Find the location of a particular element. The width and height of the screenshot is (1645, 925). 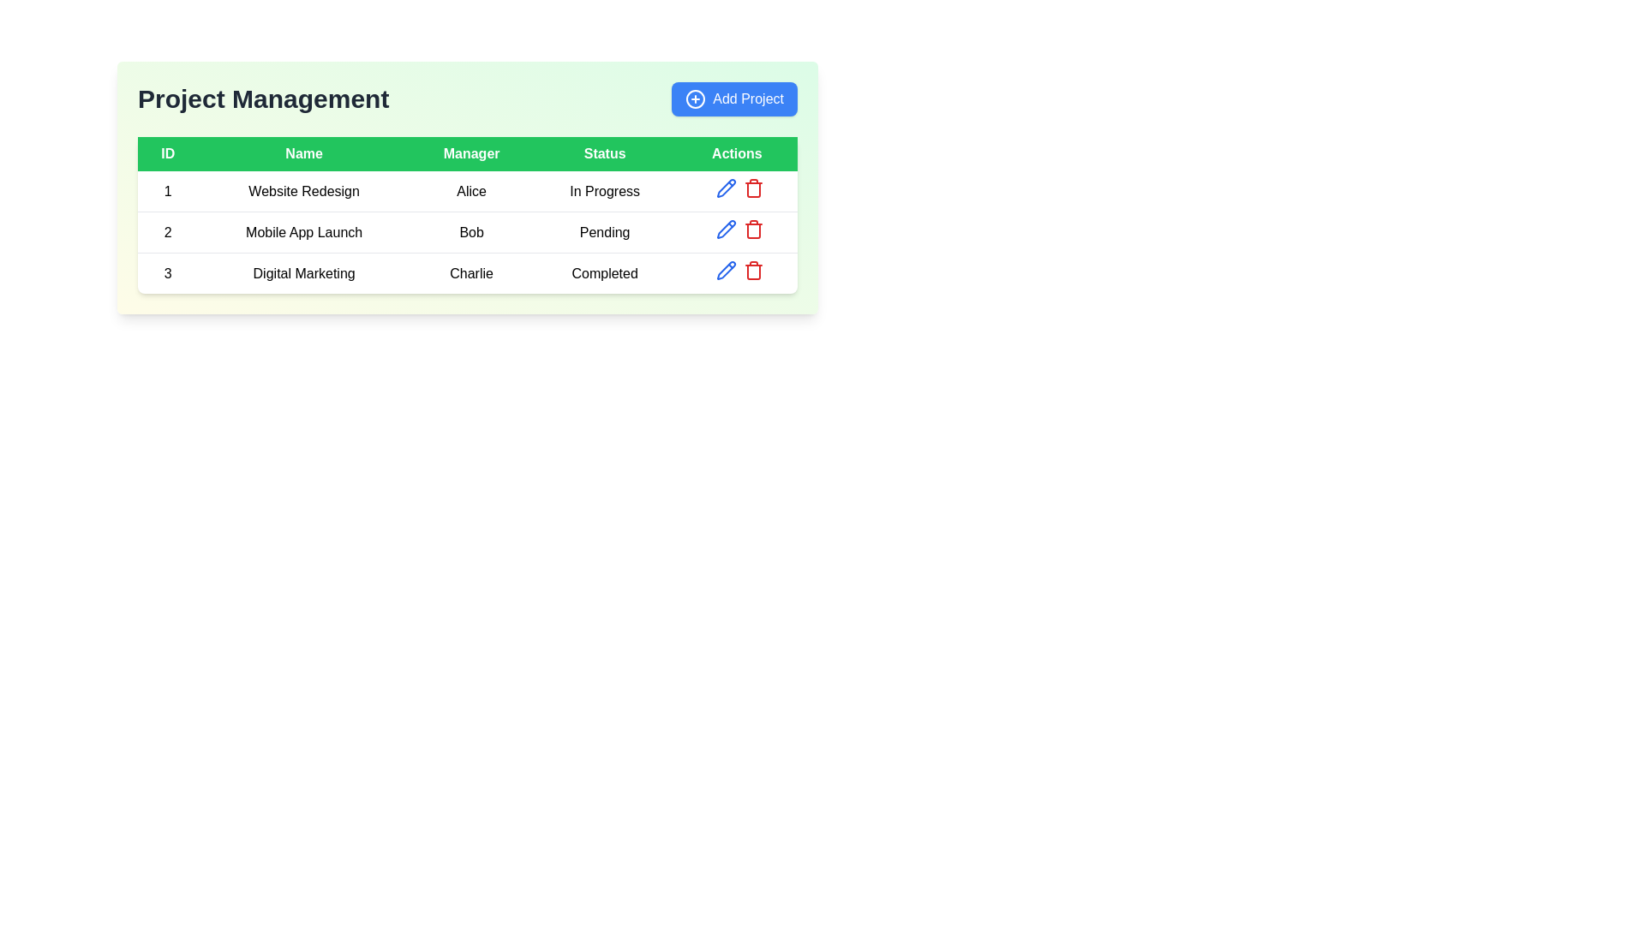

the Header cell labeled 'Actions' at the far right of the table is located at coordinates (737, 154).